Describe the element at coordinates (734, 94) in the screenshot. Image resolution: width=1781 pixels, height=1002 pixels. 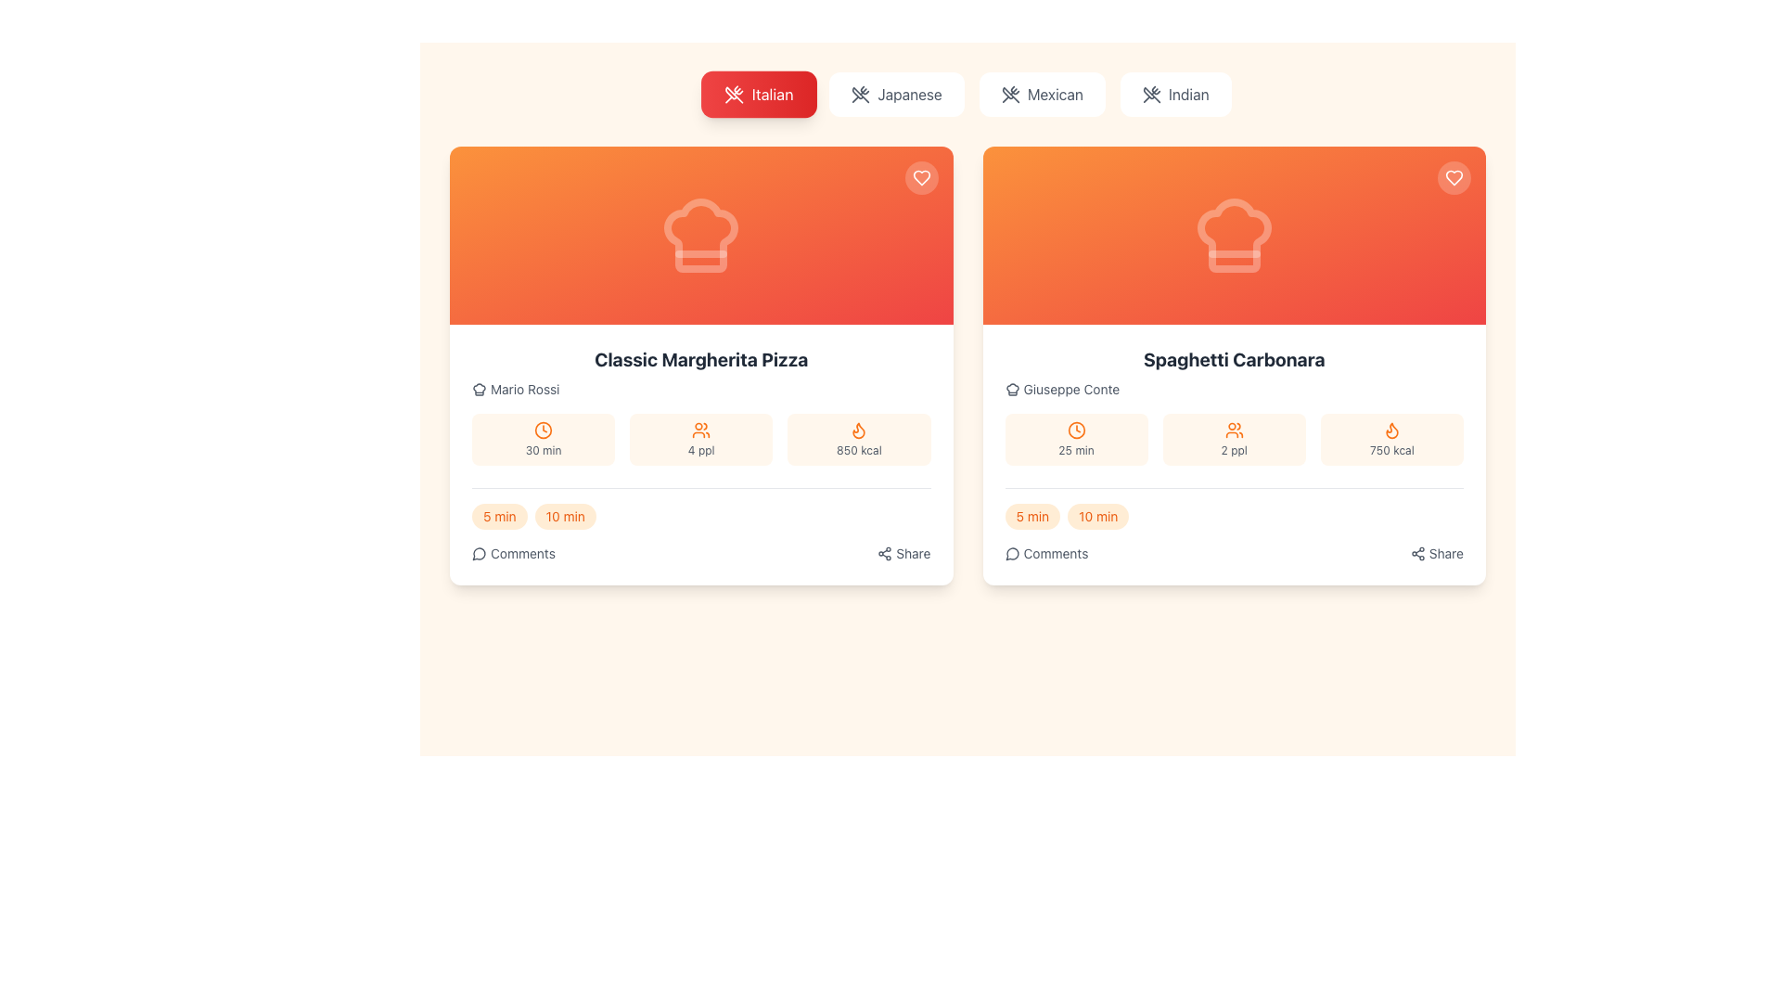
I see `the icon of crossed utensils (fork and knife) that is white on a red background, located next to the 'Italian' label` at that location.